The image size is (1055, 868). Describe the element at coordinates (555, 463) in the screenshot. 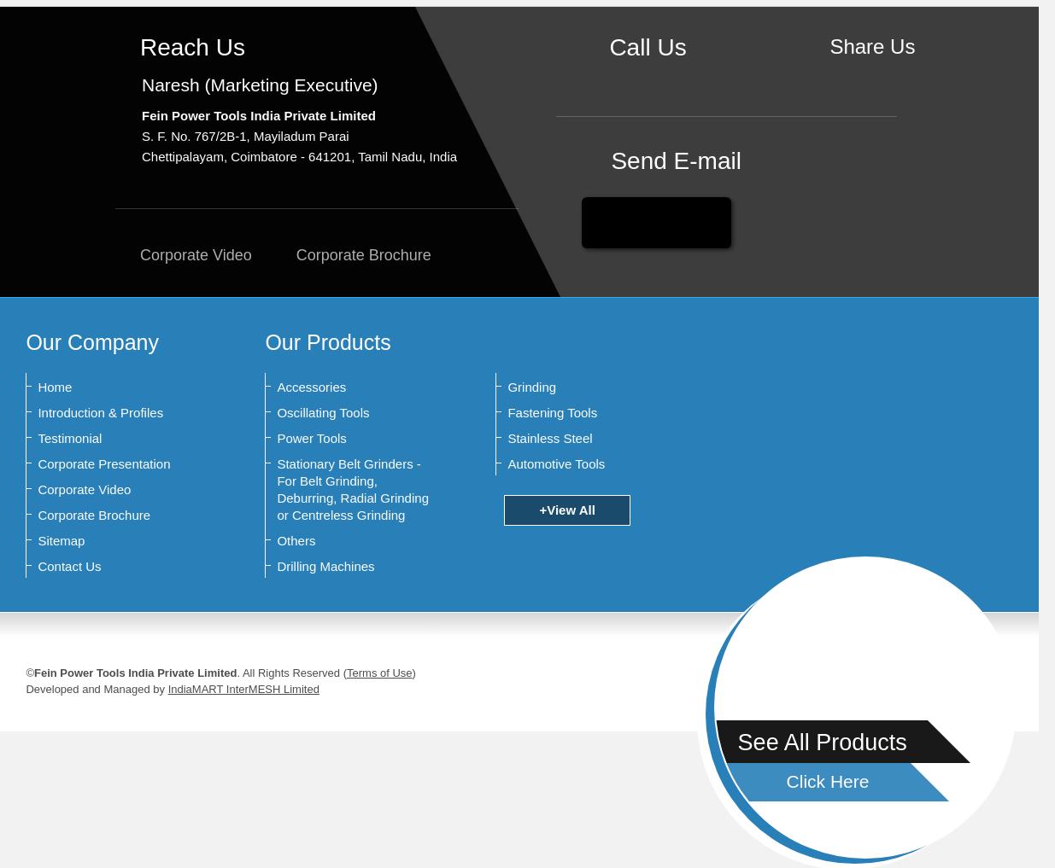

I see `'Automotive Tools'` at that location.